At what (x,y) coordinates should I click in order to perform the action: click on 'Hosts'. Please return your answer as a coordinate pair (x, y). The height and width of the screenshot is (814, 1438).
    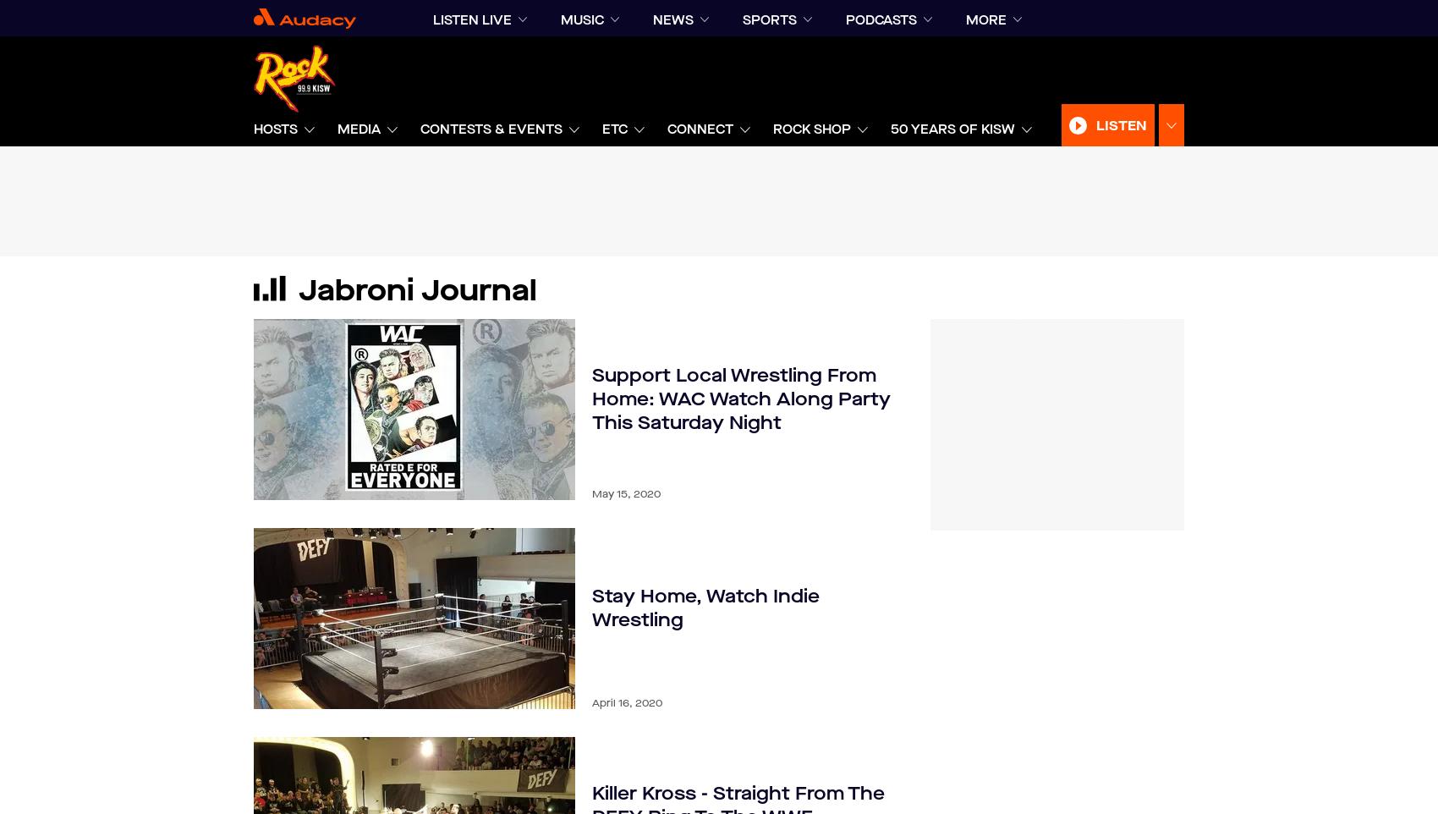
    Looking at the image, I should click on (275, 129).